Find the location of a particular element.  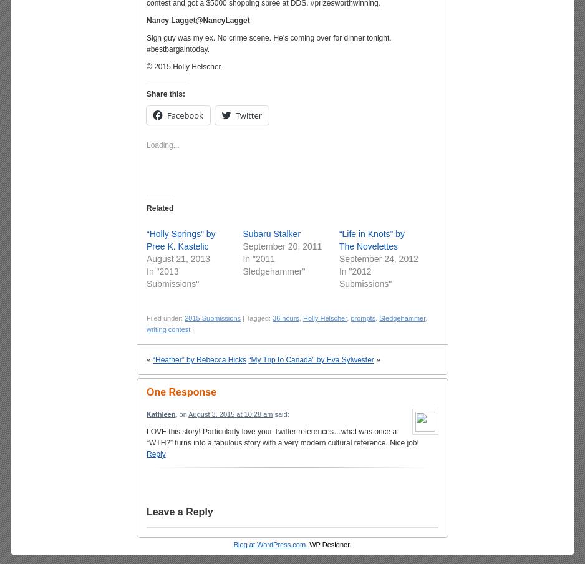

'One Response' is located at coordinates (181, 392).